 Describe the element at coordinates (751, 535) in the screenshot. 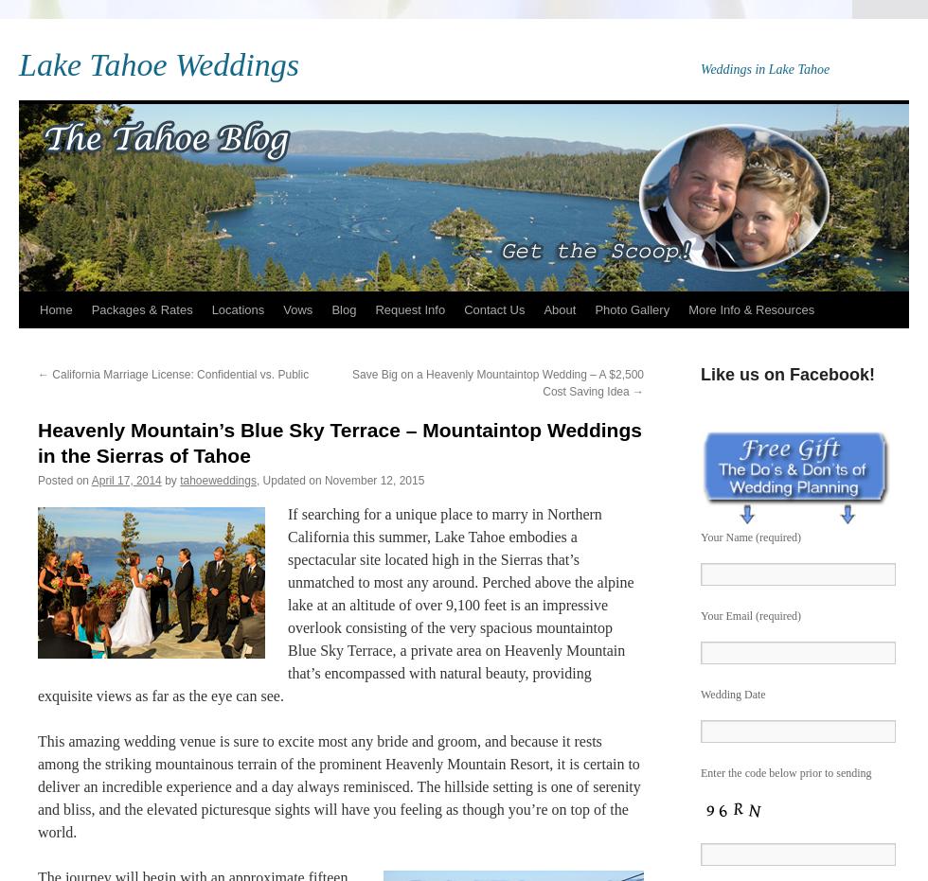

I see `'Your Name (required)'` at that location.